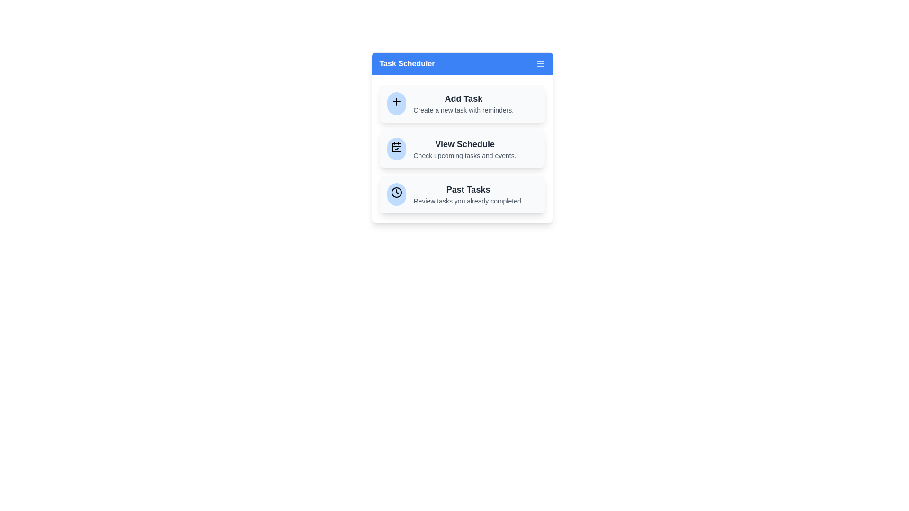 Image resolution: width=909 pixels, height=511 pixels. What do you see at coordinates (462, 194) in the screenshot?
I see `the Past Tasks to highlight it` at bounding box center [462, 194].